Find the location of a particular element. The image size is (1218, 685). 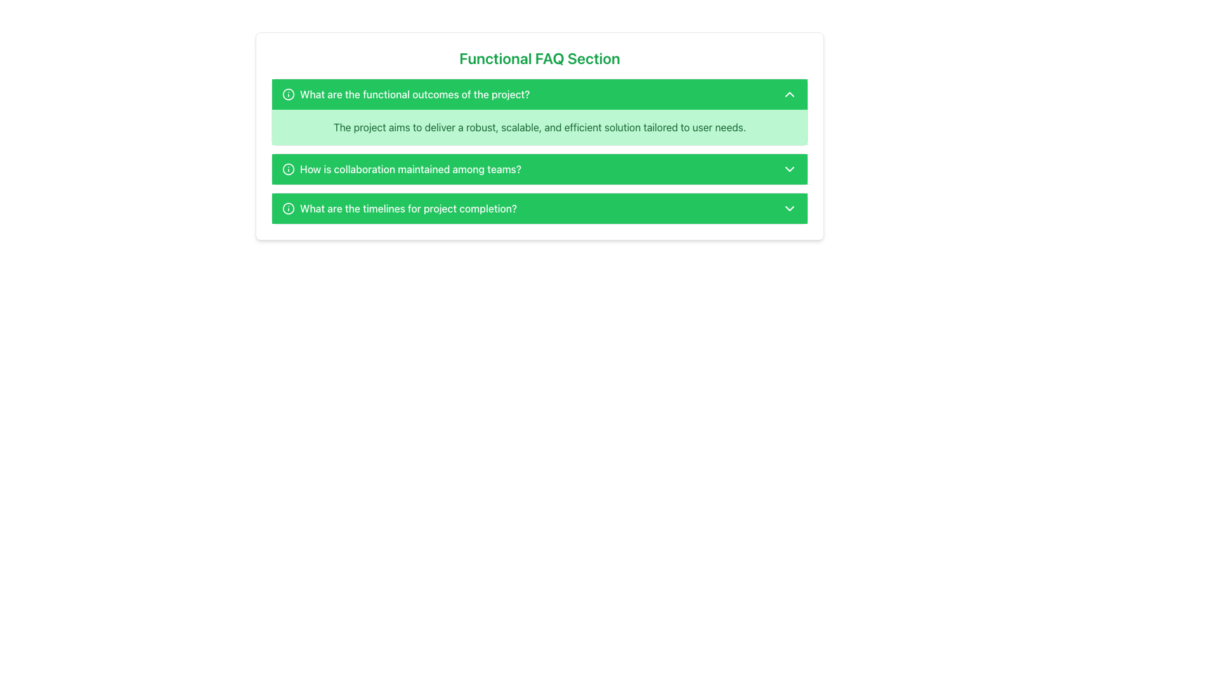

the circular information icon with a green background located next to the FAQ question 'How is collaboration maintained among teams?' is located at coordinates (288, 168).